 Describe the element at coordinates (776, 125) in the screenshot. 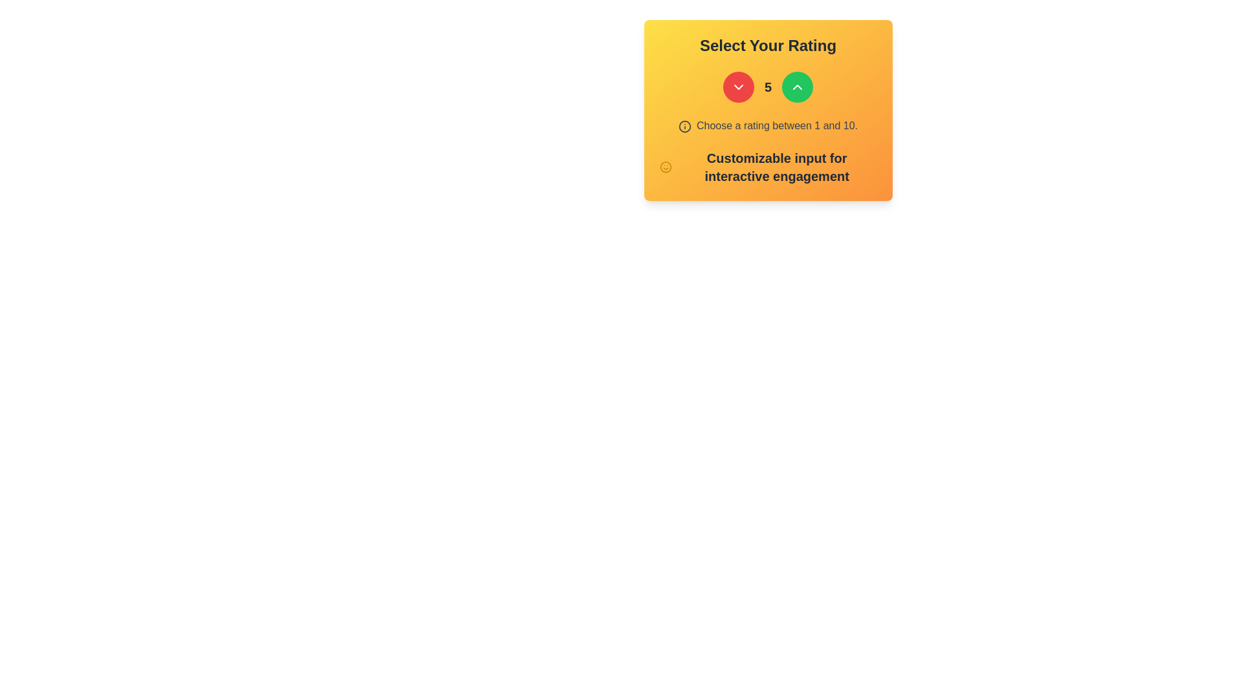

I see `the instructional text label that is horizontally centered within the yellow rating selection section, positioned below the rating input controls and above the additional descriptive text` at that location.